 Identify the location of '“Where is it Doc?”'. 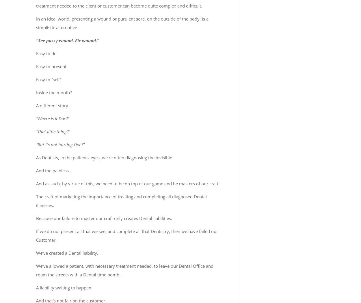
(53, 118).